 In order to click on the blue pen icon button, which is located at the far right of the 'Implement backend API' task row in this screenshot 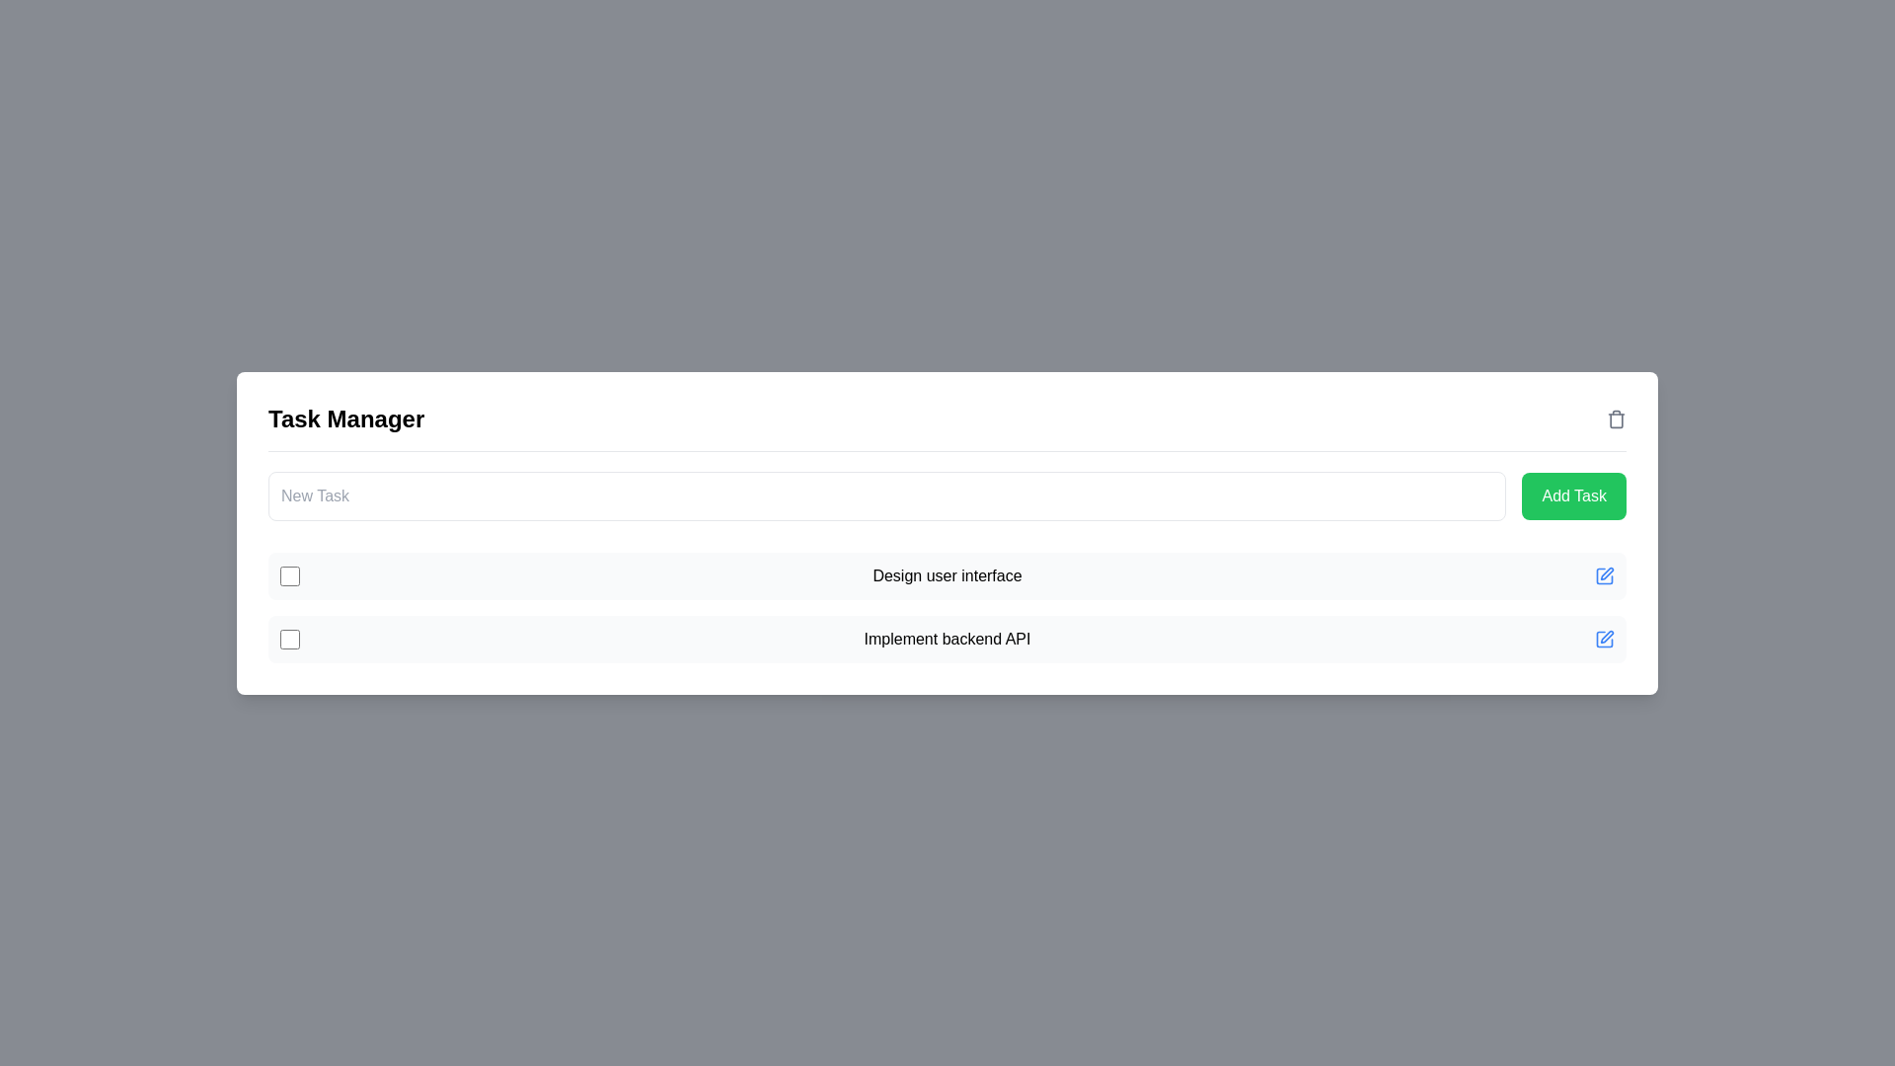, I will do `click(1605, 639)`.